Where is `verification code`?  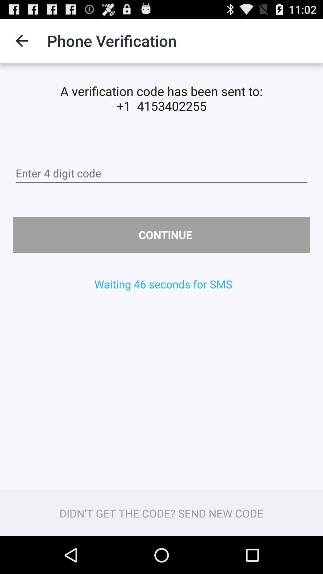
verification code is located at coordinates (161, 173).